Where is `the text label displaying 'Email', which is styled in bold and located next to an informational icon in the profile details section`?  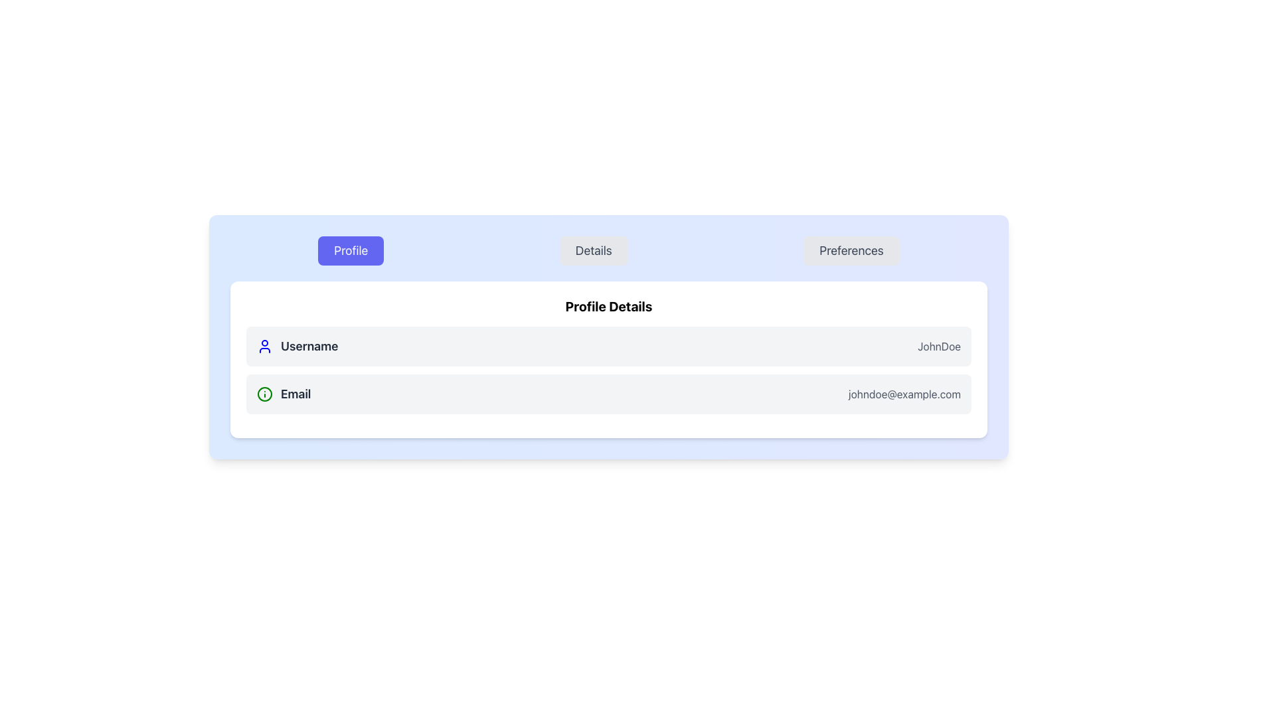
the text label displaying 'Email', which is styled in bold and located next to an informational icon in the profile details section is located at coordinates (283, 394).